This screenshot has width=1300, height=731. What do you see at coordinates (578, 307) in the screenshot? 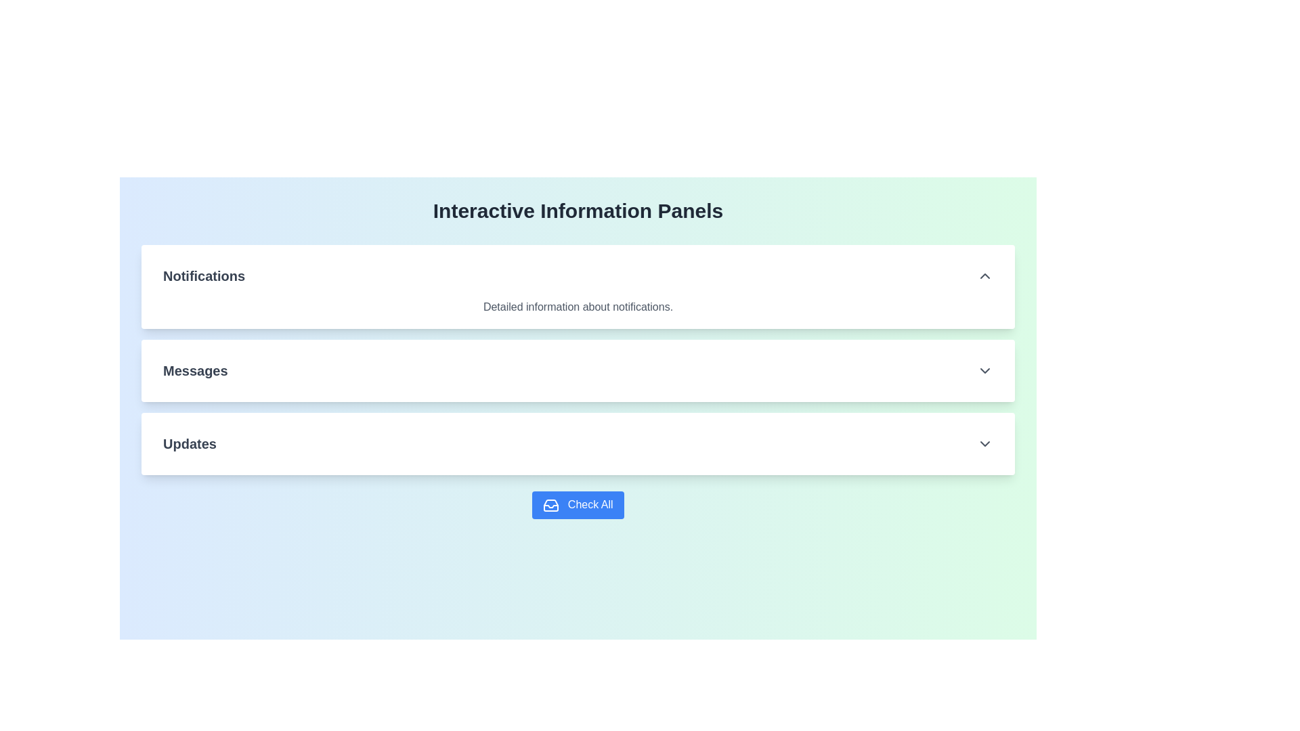
I see `the text block containing the phrase 'Detailed information about notifications.' in the Notifications section` at bounding box center [578, 307].